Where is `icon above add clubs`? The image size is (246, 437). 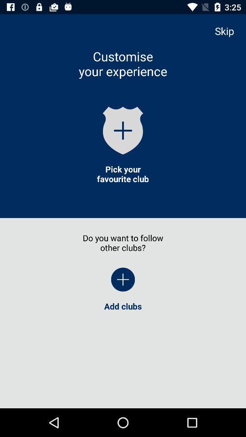 icon above add clubs is located at coordinates (123, 279).